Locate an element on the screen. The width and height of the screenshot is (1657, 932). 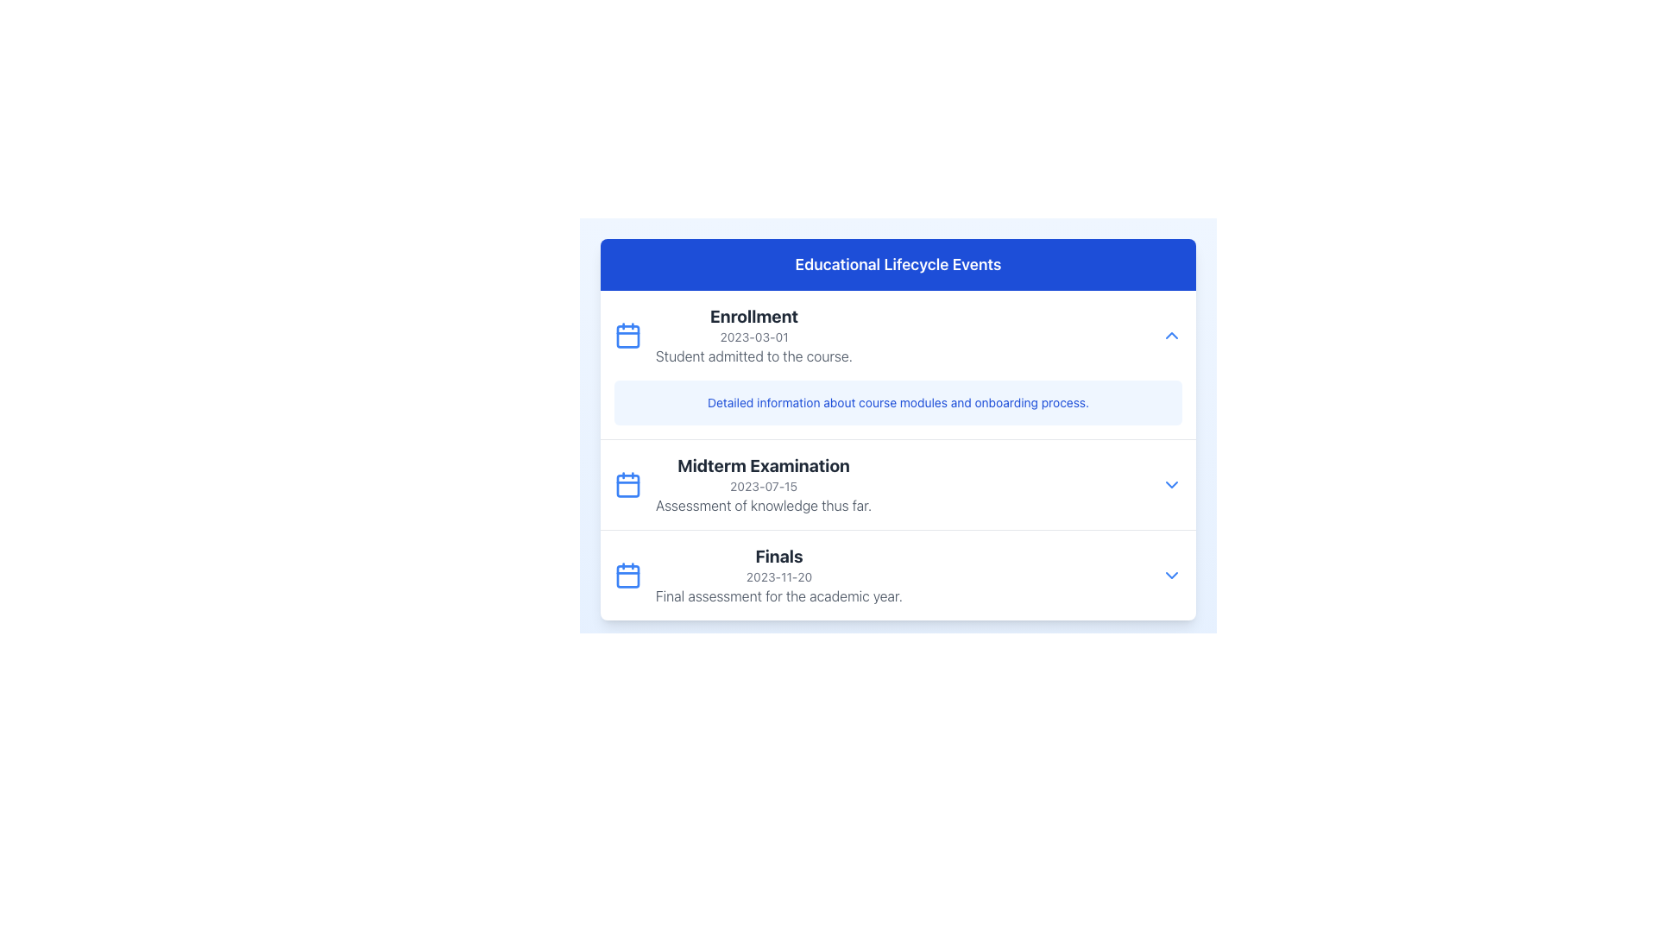
the 'Midterm Examination' subsection within the 'Educational Lifecycle Events' section is located at coordinates (898, 455).